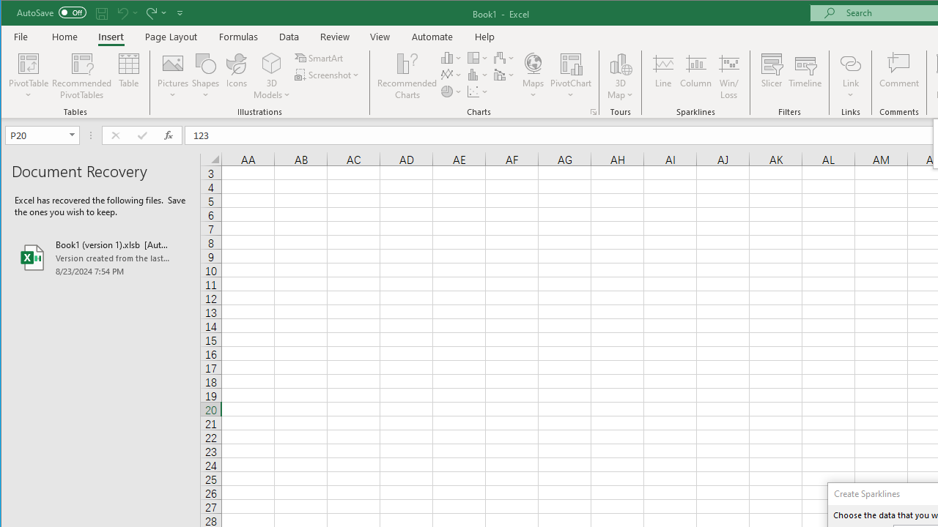 The image size is (938, 527). What do you see at coordinates (662, 76) in the screenshot?
I see `'Line'` at bounding box center [662, 76].